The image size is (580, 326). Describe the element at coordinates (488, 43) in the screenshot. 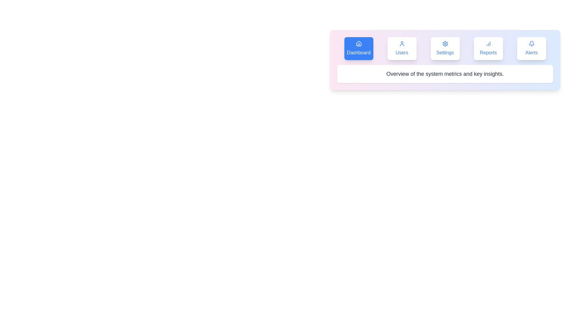

I see `the column chart icon located within the 'Reports' button, which is the fourth button in the navigation bar, featuring three vertical bars of increasing height outlined in blue` at that location.